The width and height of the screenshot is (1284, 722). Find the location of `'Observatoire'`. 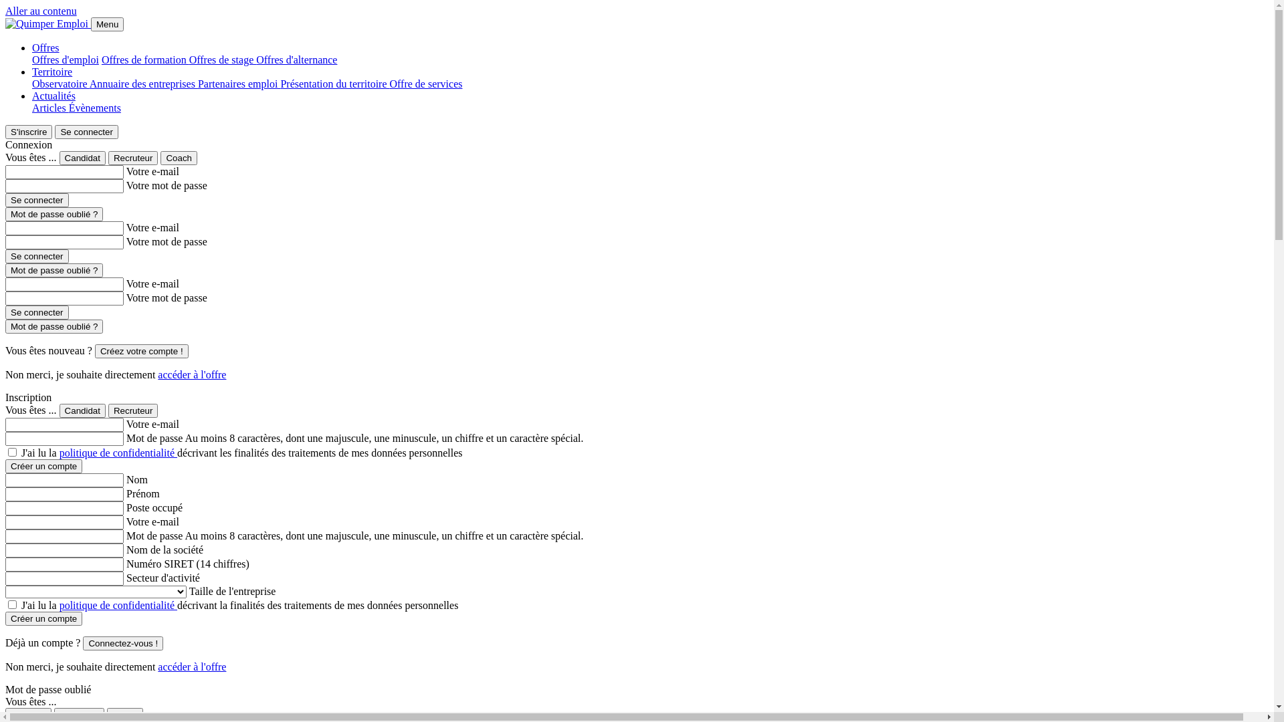

'Observatoire' is located at coordinates (60, 84).